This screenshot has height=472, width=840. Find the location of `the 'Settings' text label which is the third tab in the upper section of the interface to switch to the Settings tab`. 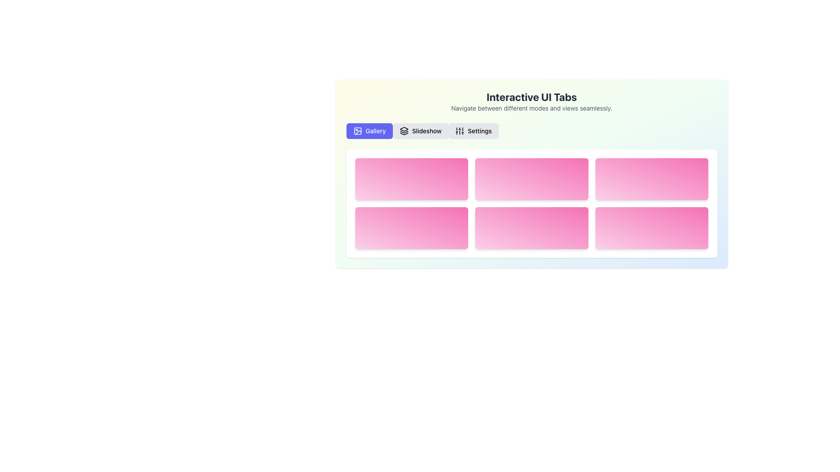

the 'Settings' text label which is the third tab in the upper section of the interface to switch to the Settings tab is located at coordinates (479, 131).